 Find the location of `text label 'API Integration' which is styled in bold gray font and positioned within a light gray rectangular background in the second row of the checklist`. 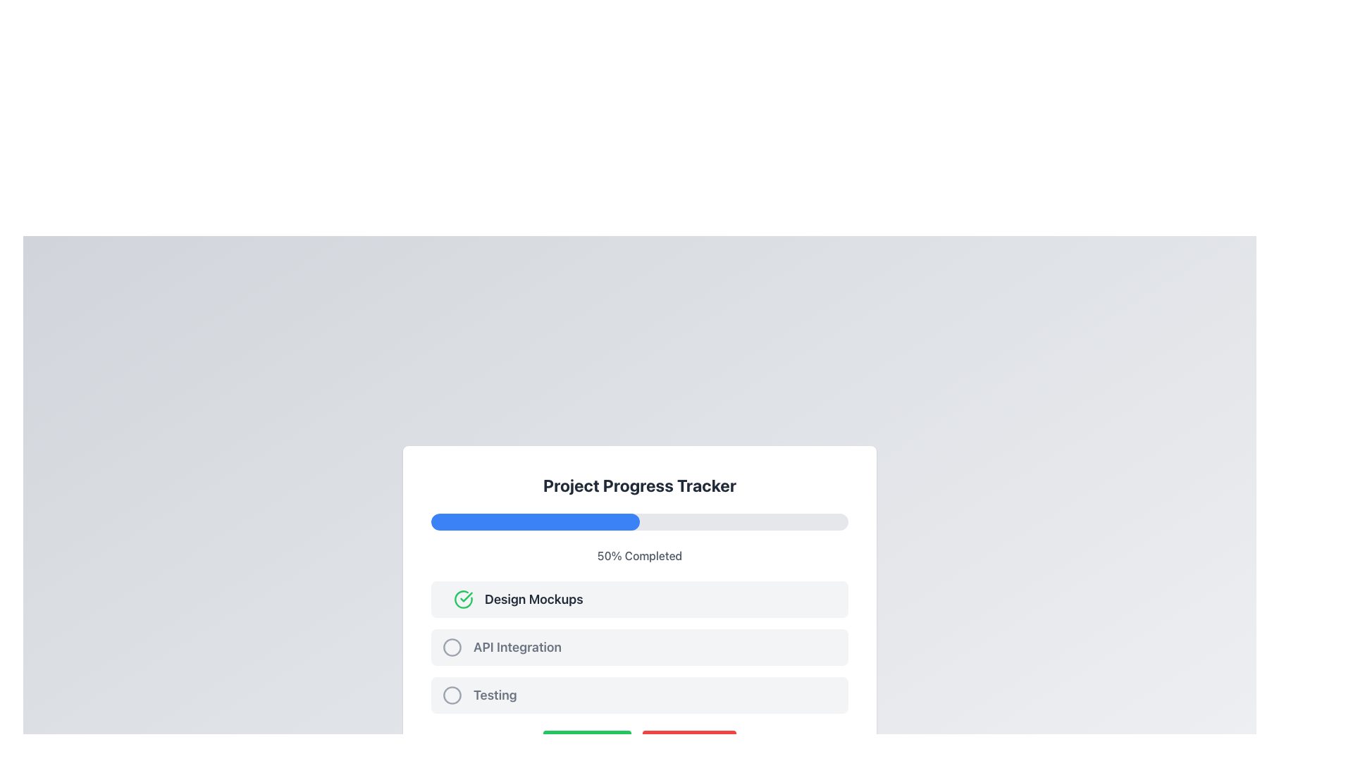

text label 'API Integration' which is styled in bold gray font and positioned within a light gray rectangular background in the second row of the checklist is located at coordinates (517, 647).